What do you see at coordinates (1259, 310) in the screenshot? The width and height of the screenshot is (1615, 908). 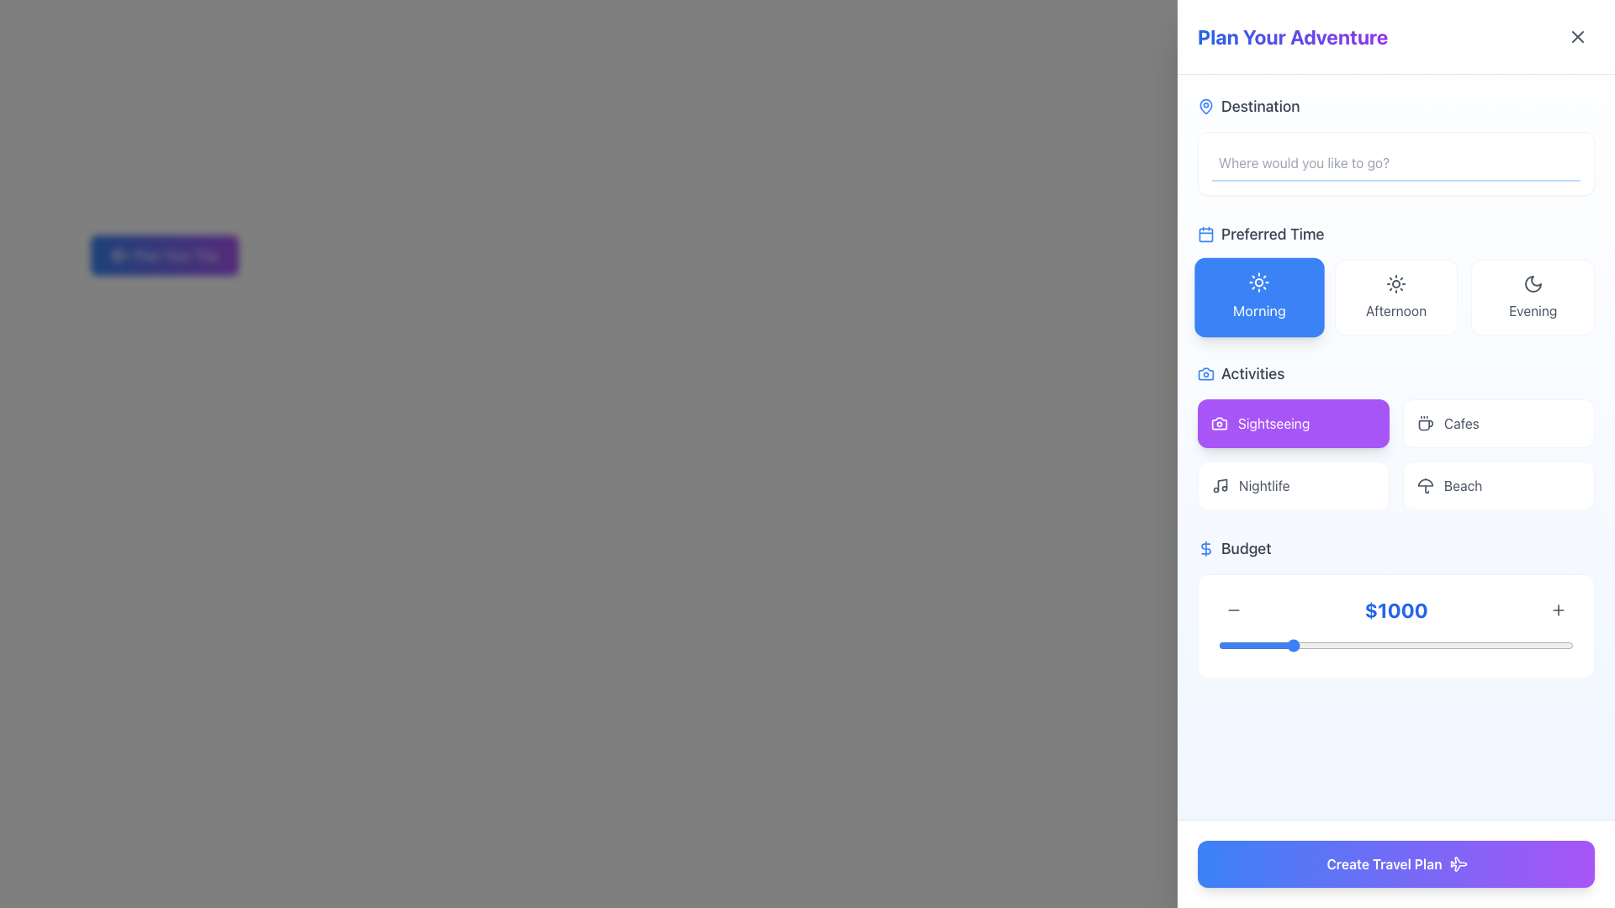 I see `the 'Morning' text label, which is the first option under the 'Preferred Time' section` at bounding box center [1259, 310].